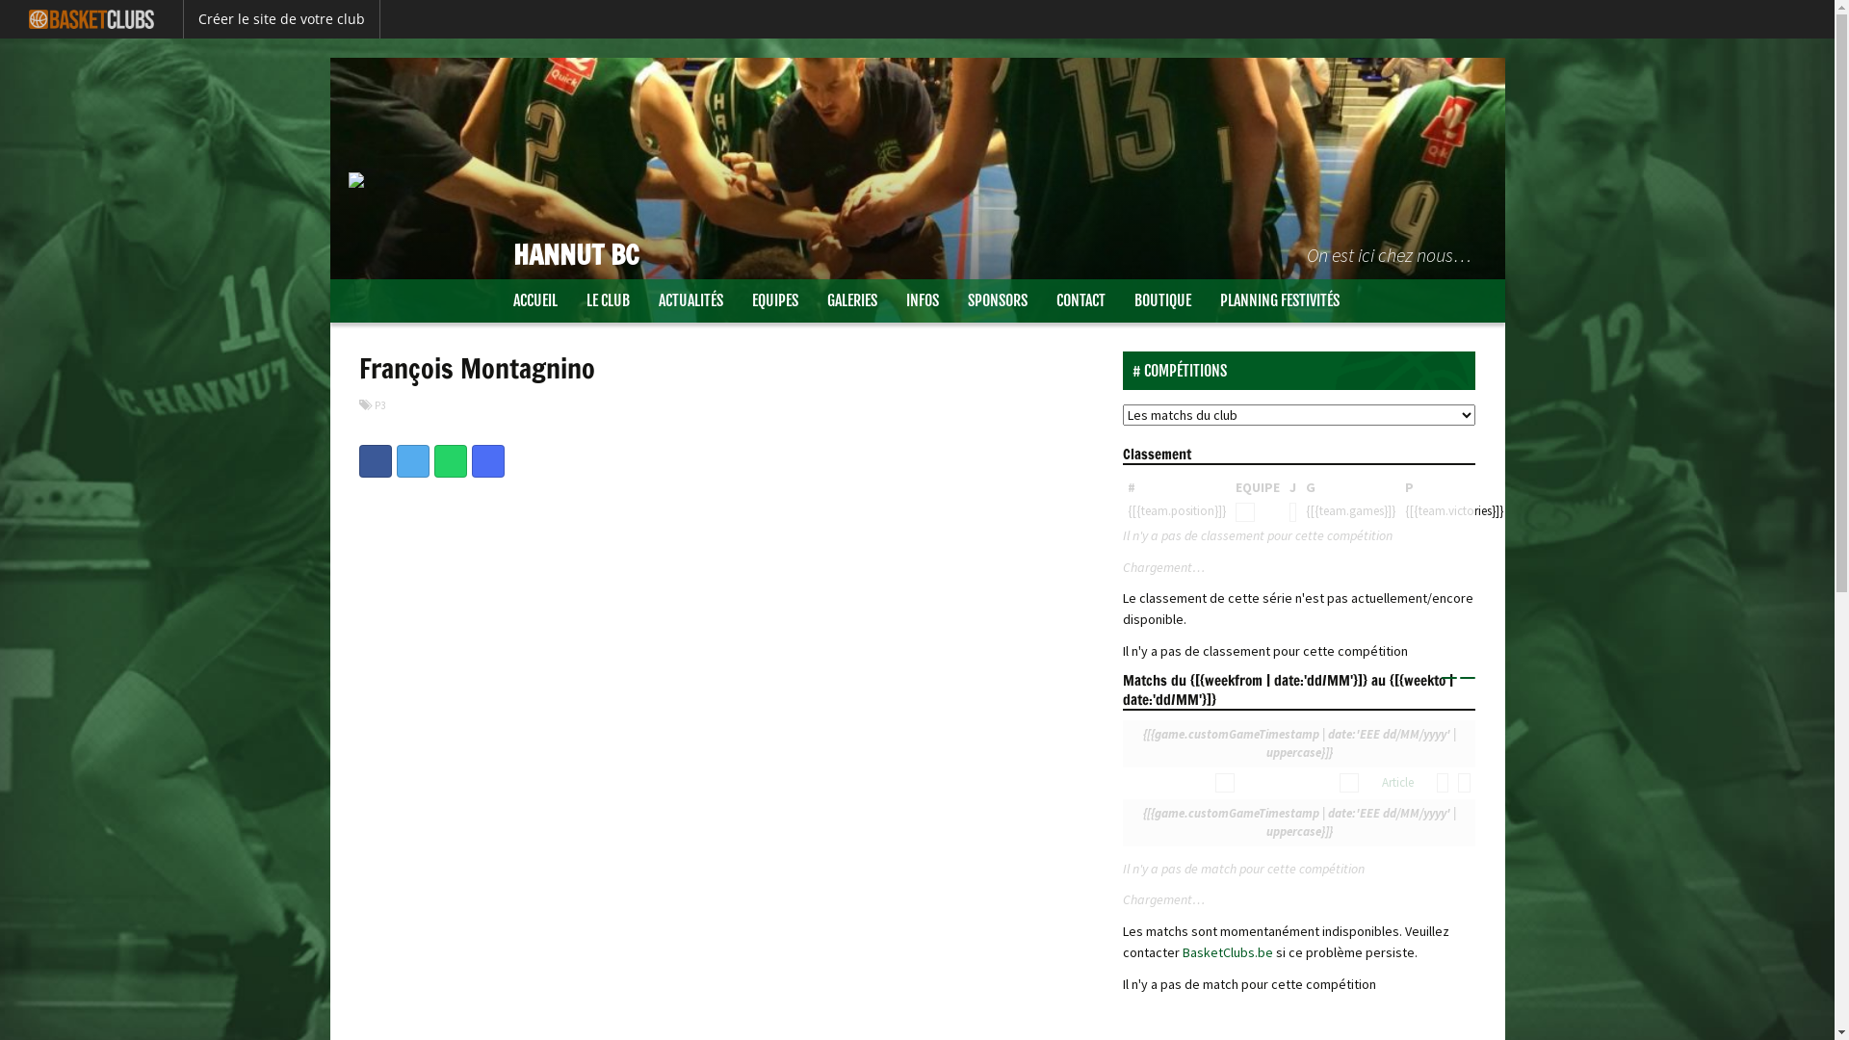 The image size is (1849, 1040). I want to click on 'Partager sur Telegram', so click(471, 460).